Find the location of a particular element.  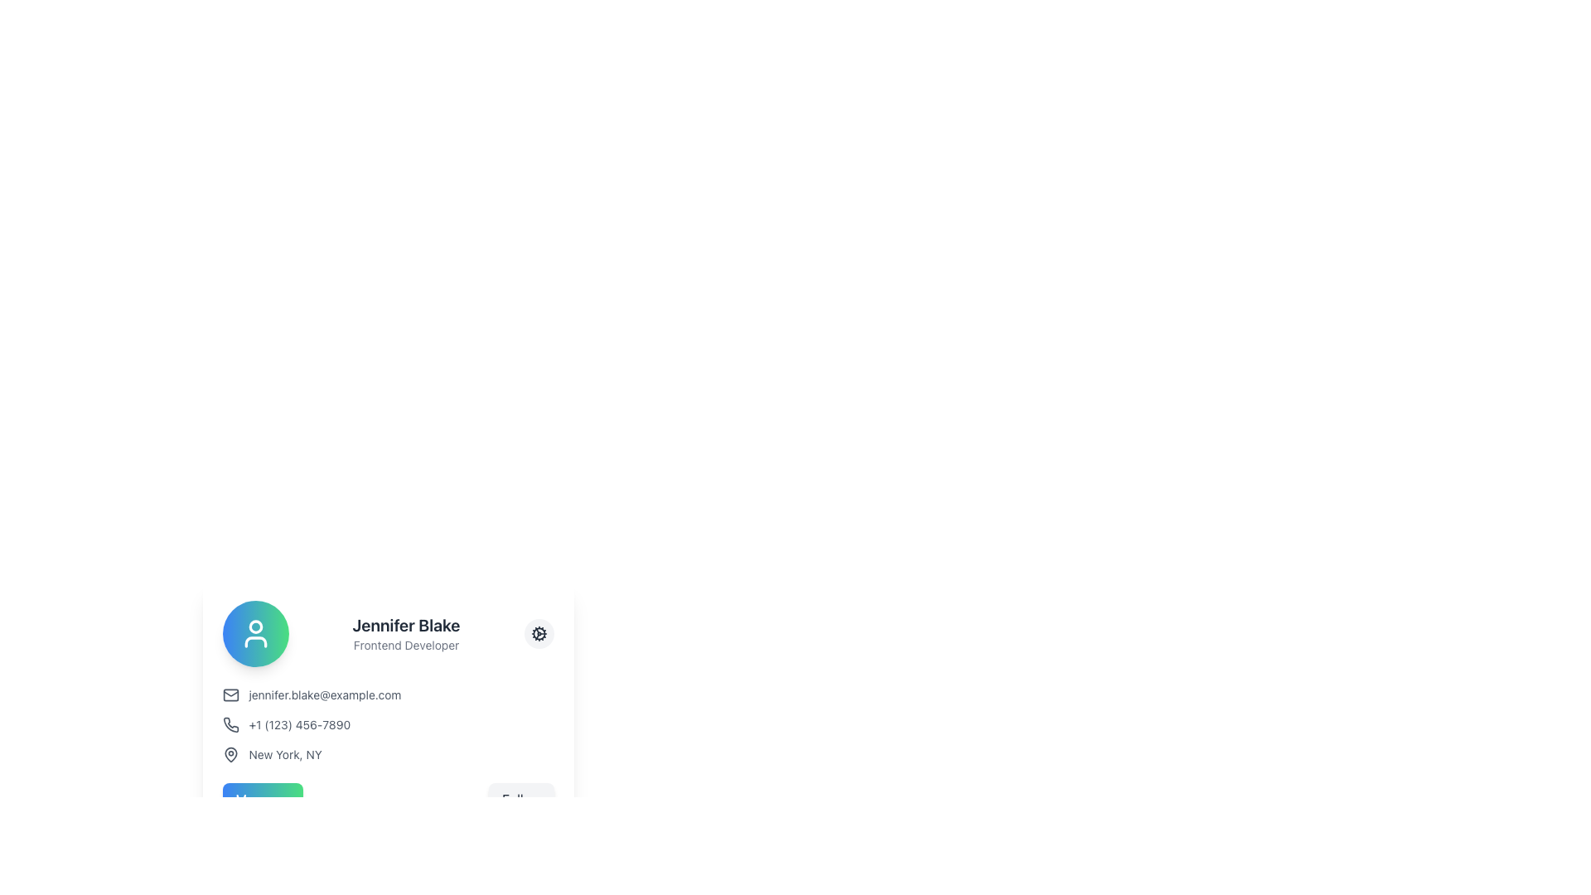

the message sending button located in the leftmost position of the row layout beneath the profile information section is located at coordinates (262, 798).